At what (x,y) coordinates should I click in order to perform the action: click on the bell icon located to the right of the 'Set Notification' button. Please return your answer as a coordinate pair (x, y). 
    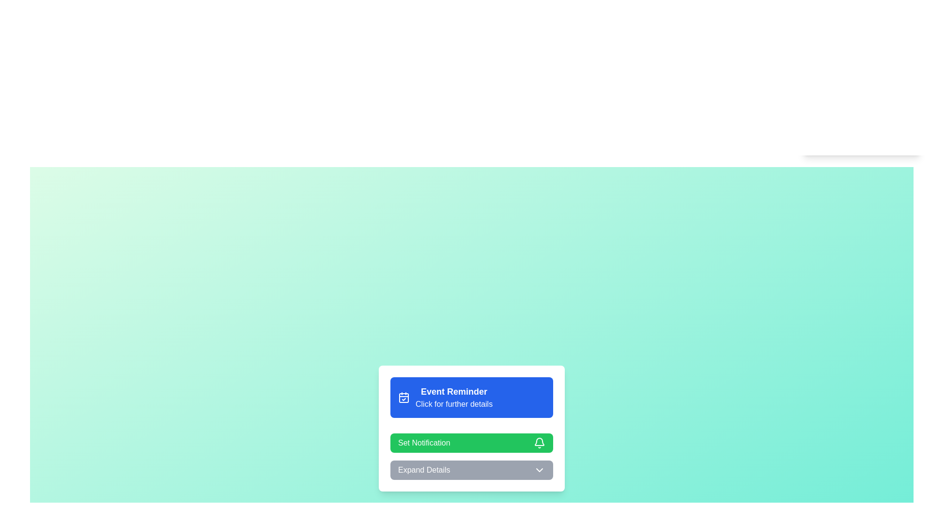
    Looking at the image, I should click on (539, 443).